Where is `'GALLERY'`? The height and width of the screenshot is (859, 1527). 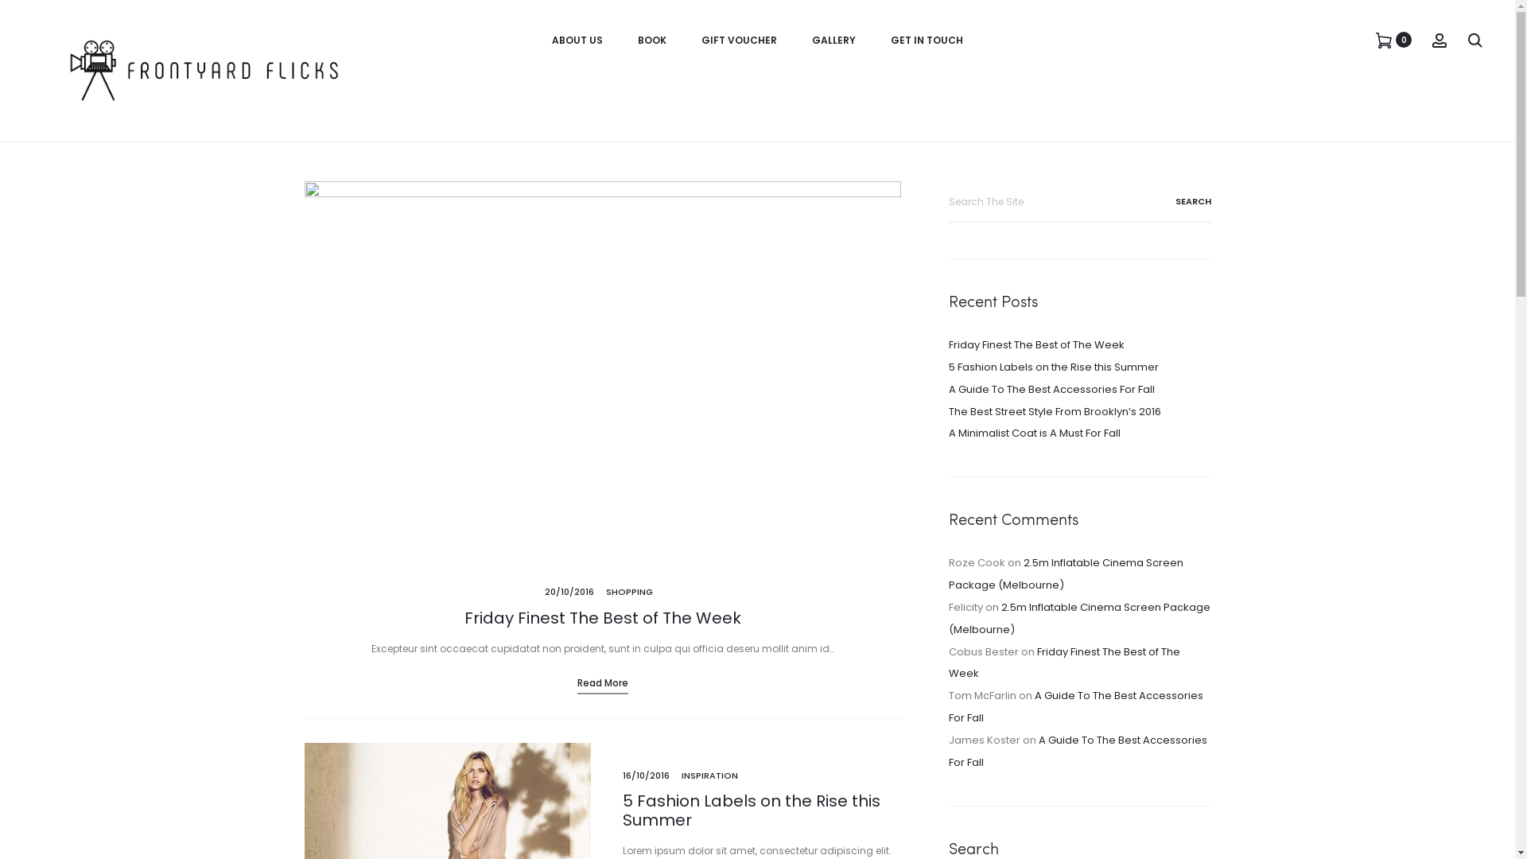 'GALLERY' is located at coordinates (812, 39).